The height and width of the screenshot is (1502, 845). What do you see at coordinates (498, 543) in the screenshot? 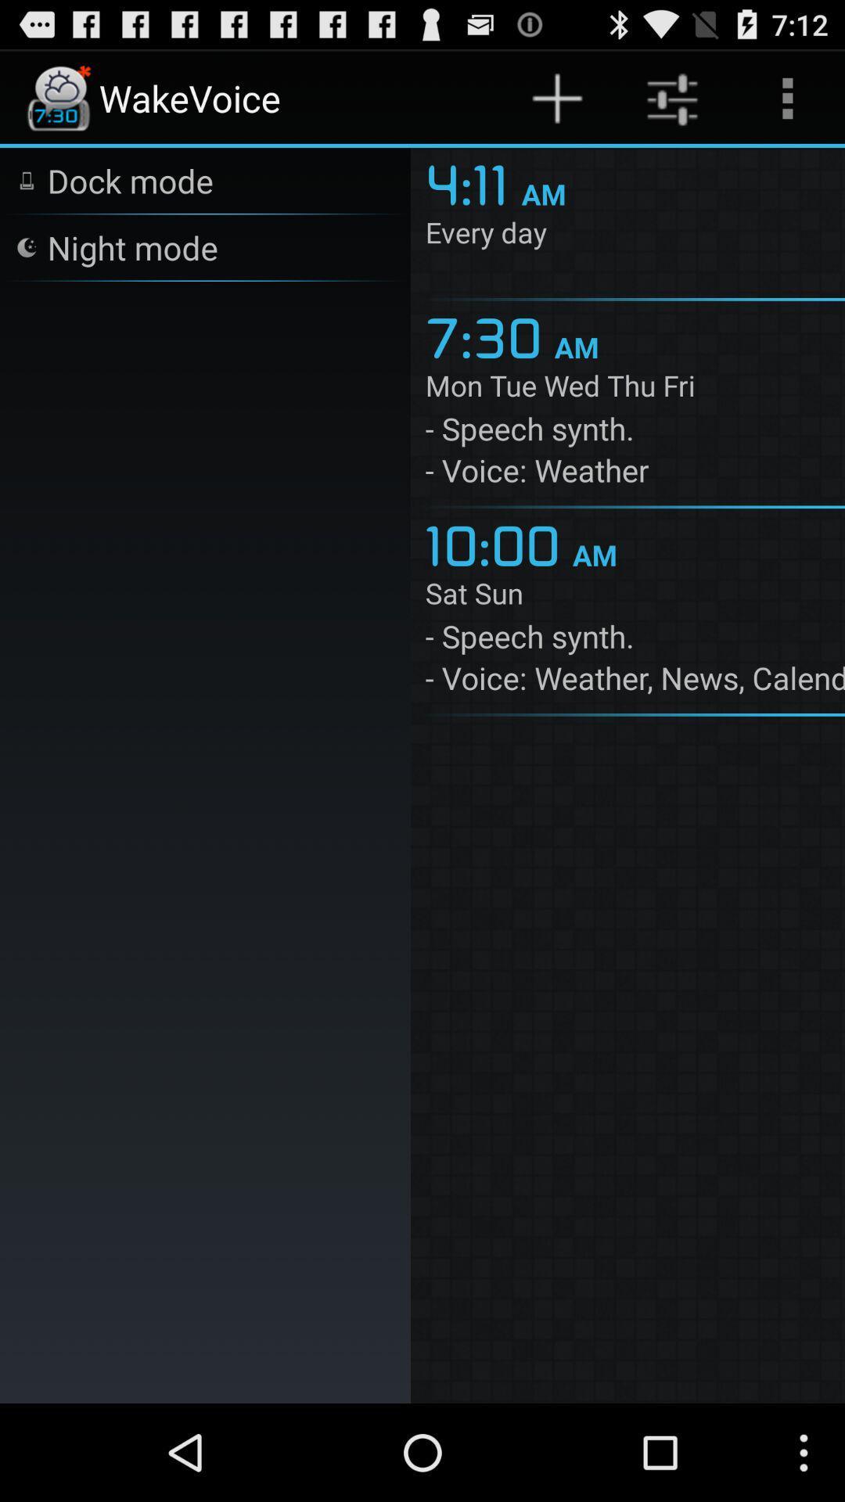
I see `the app at the center` at bounding box center [498, 543].